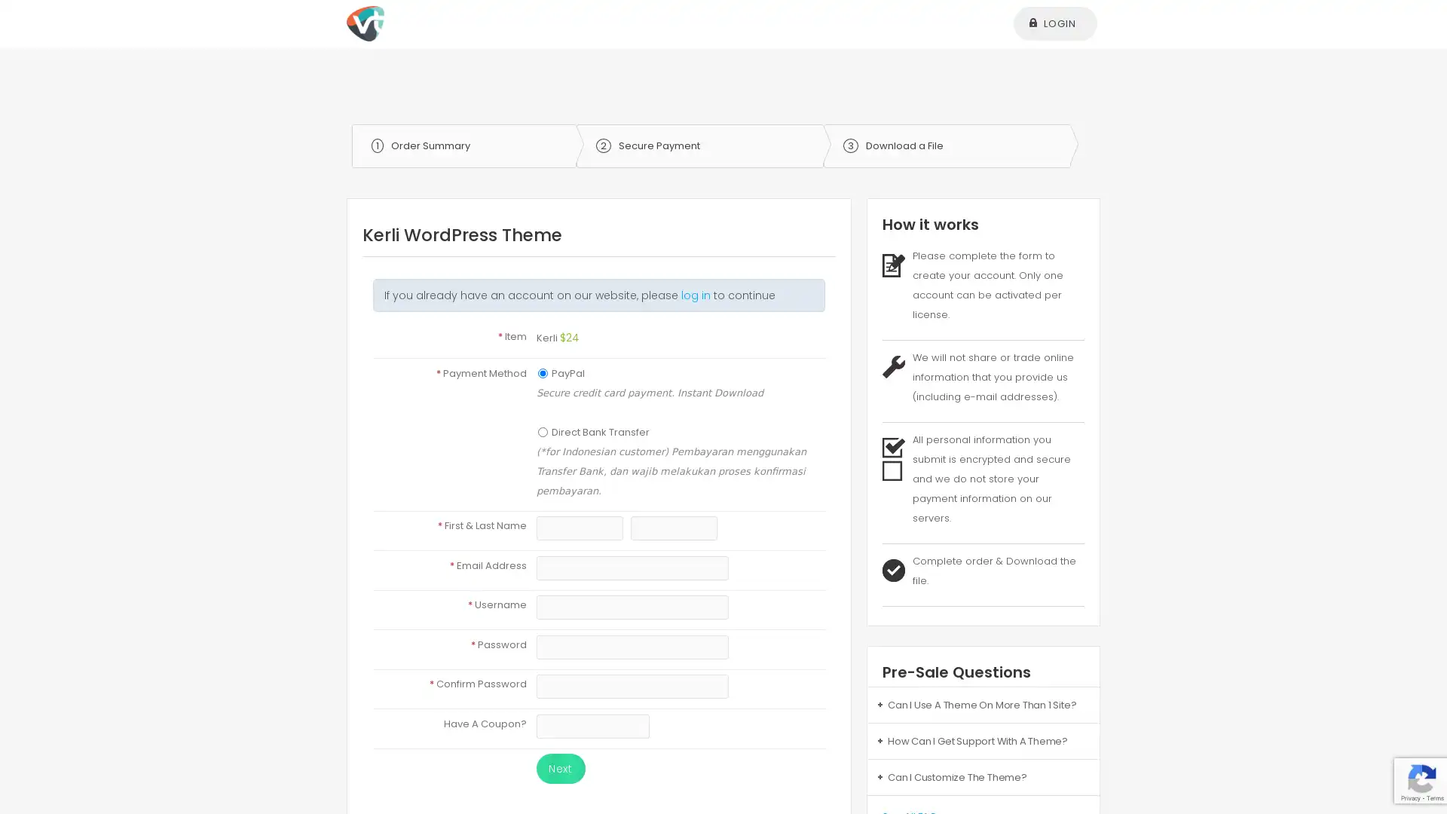  Describe the element at coordinates (559, 768) in the screenshot. I see `Next` at that location.